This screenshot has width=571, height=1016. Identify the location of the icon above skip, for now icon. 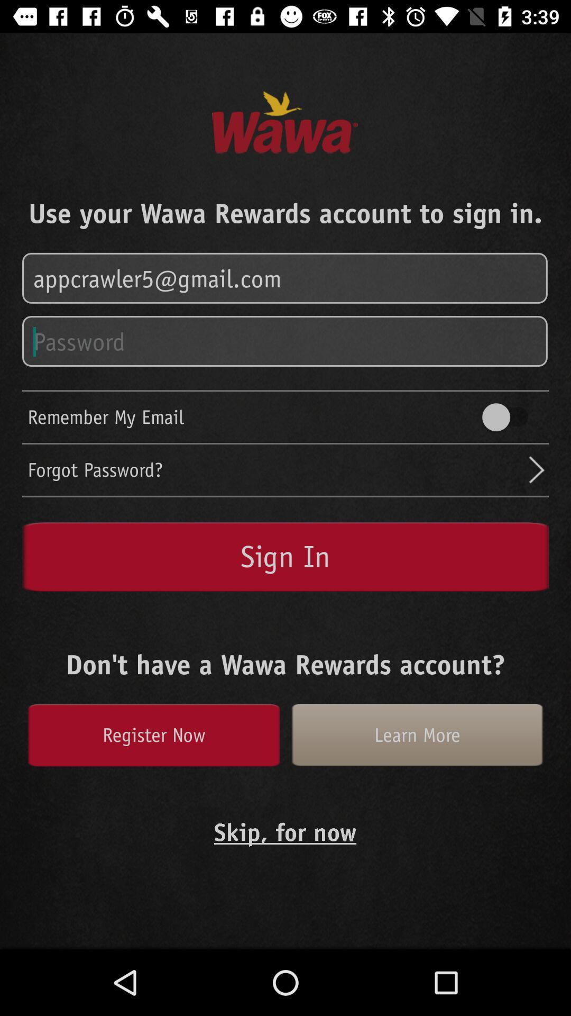
(153, 734).